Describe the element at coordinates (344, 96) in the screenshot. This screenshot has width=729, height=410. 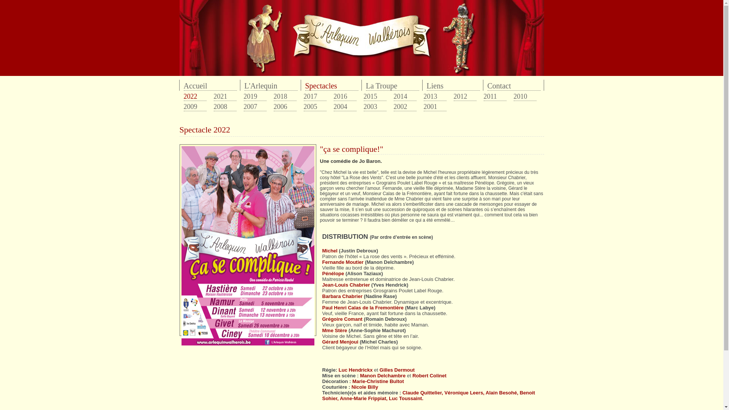
I see `'2016'` at that location.